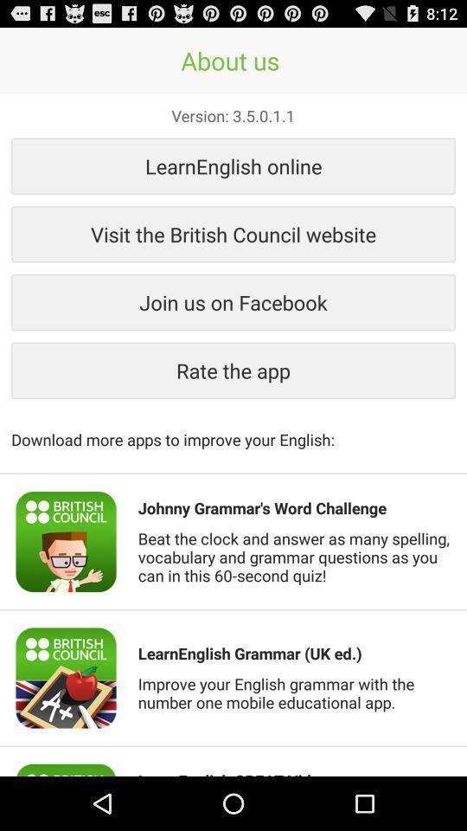 The image size is (467, 831). Describe the element at coordinates (233, 302) in the screenshot. I see `button above rate the app item` at that location.